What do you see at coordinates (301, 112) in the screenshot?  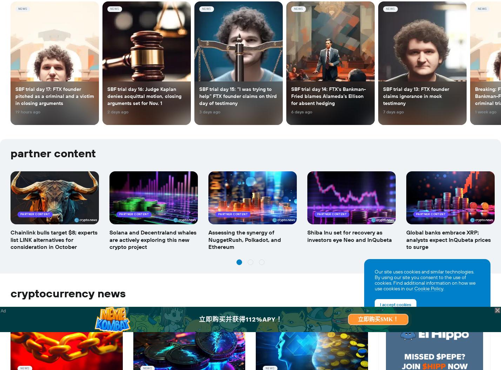 I see `'6 days ago'` at bounding box center [301, 112].